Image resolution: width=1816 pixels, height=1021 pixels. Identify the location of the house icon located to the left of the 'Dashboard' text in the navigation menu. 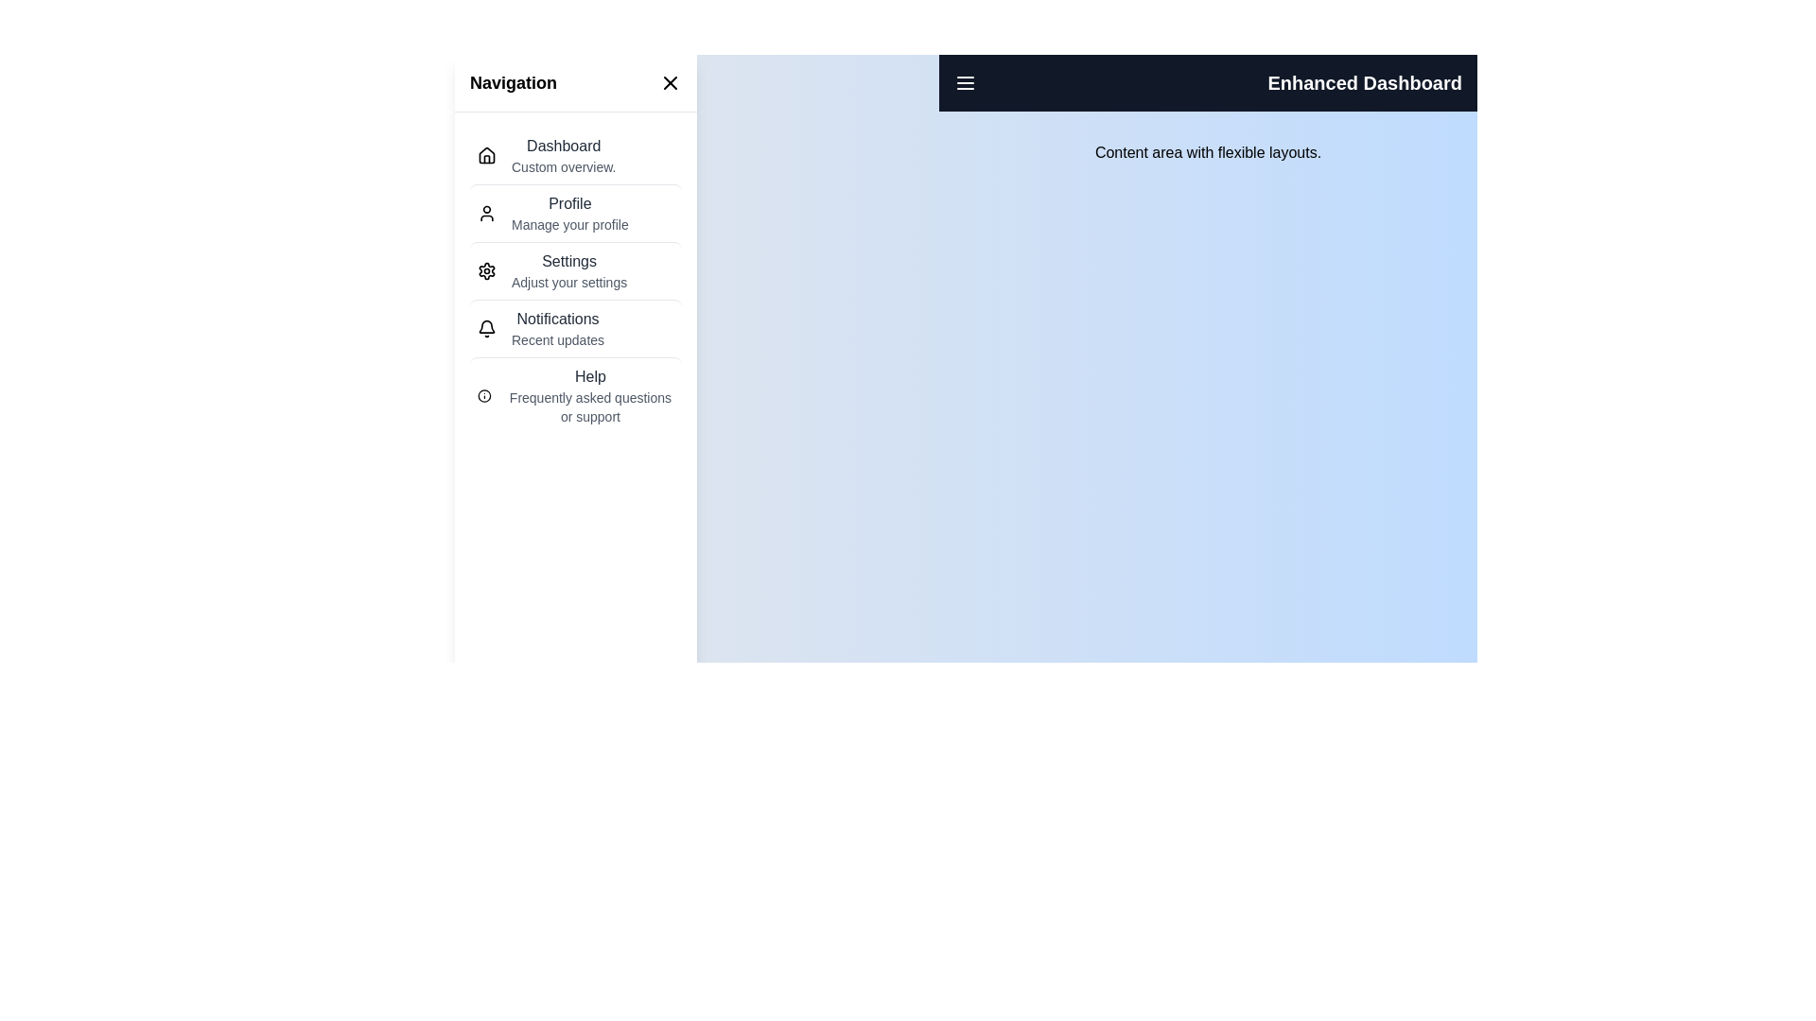
(486, 155).